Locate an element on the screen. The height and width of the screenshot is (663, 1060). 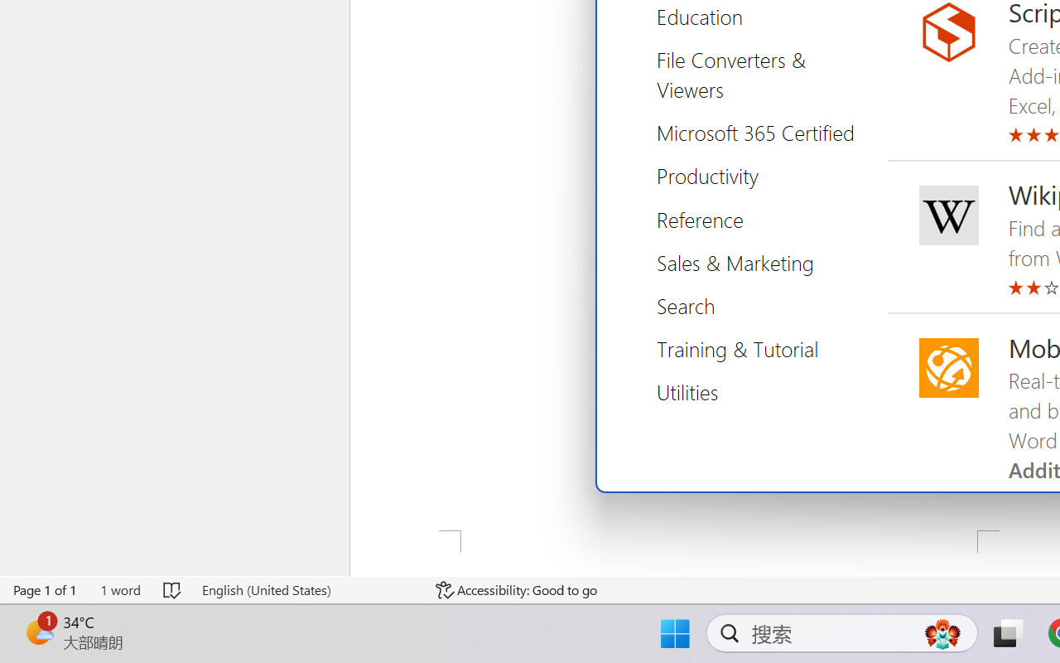
'AutomationID: DynamicSearchBoxGleamImage' is located at coordinates (942, 633).